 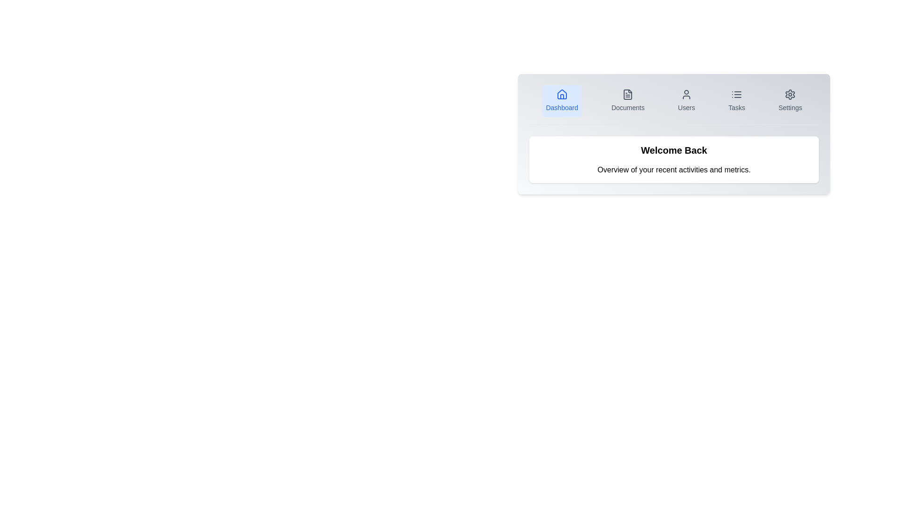 I want to click on the 'Documents' label in the navigation menu bar, so click(x=628, y=107).